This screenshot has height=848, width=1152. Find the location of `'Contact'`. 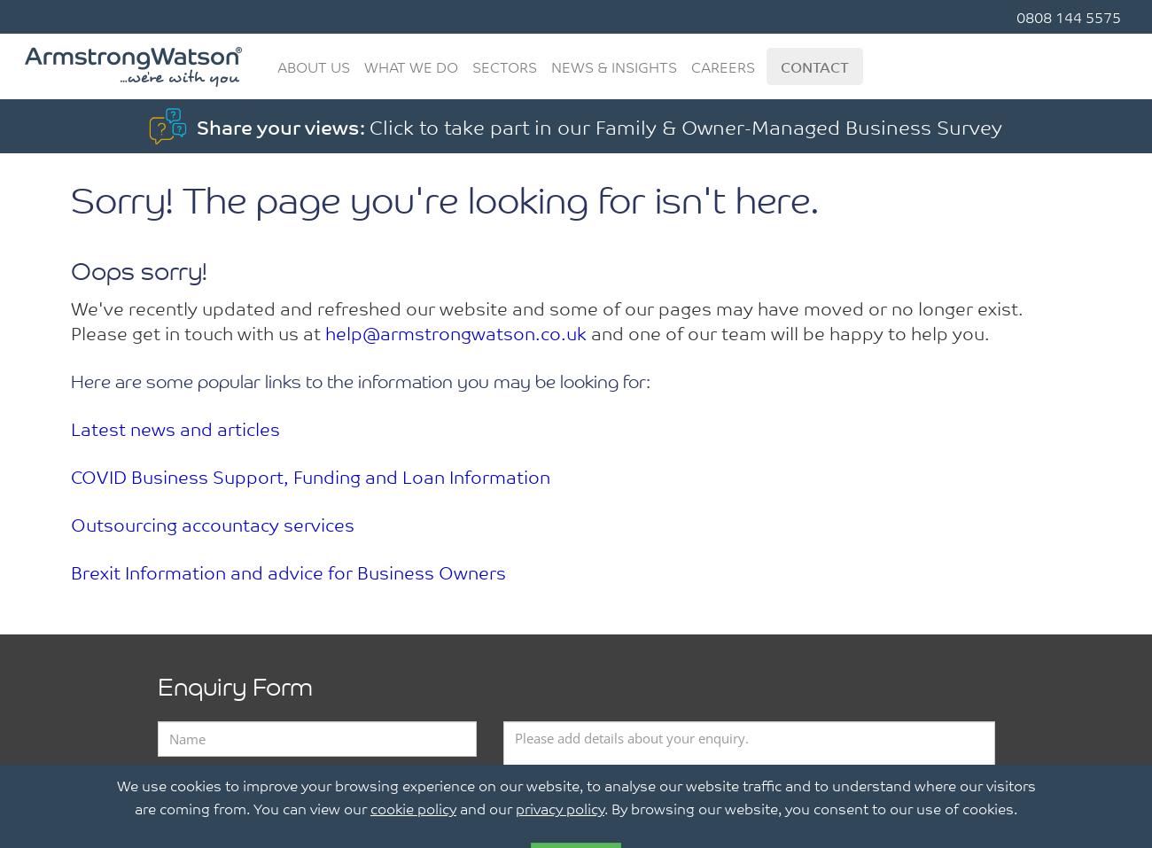

'Contact' is located at coordinates (813, 66).